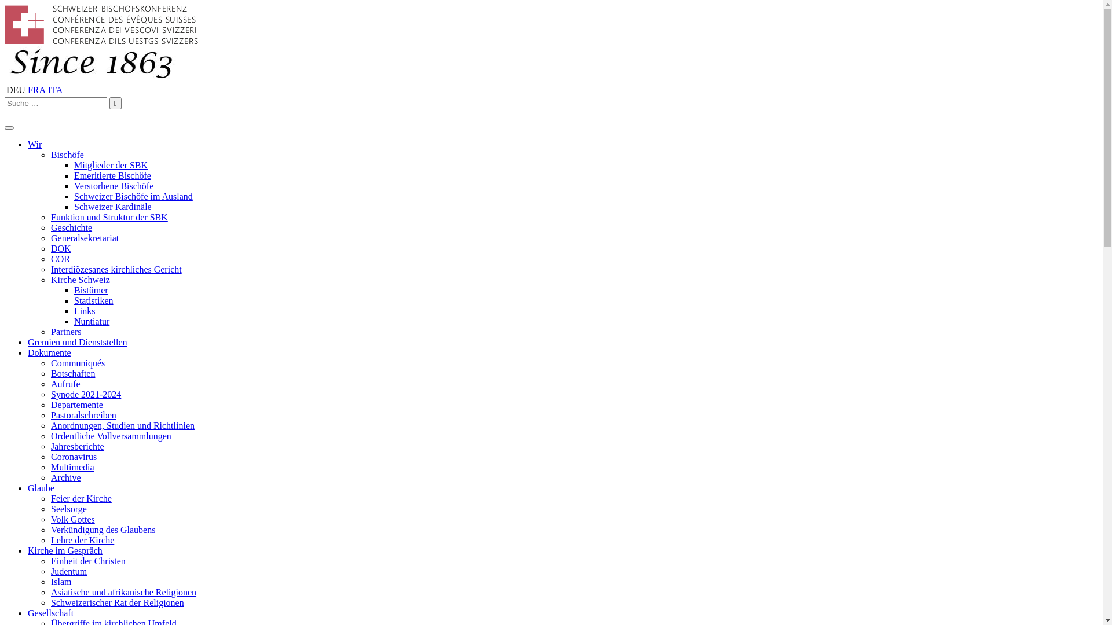 This screenshot has width=1112, height=625. I want to click on 'Nuntiatur', so click(91, 321).